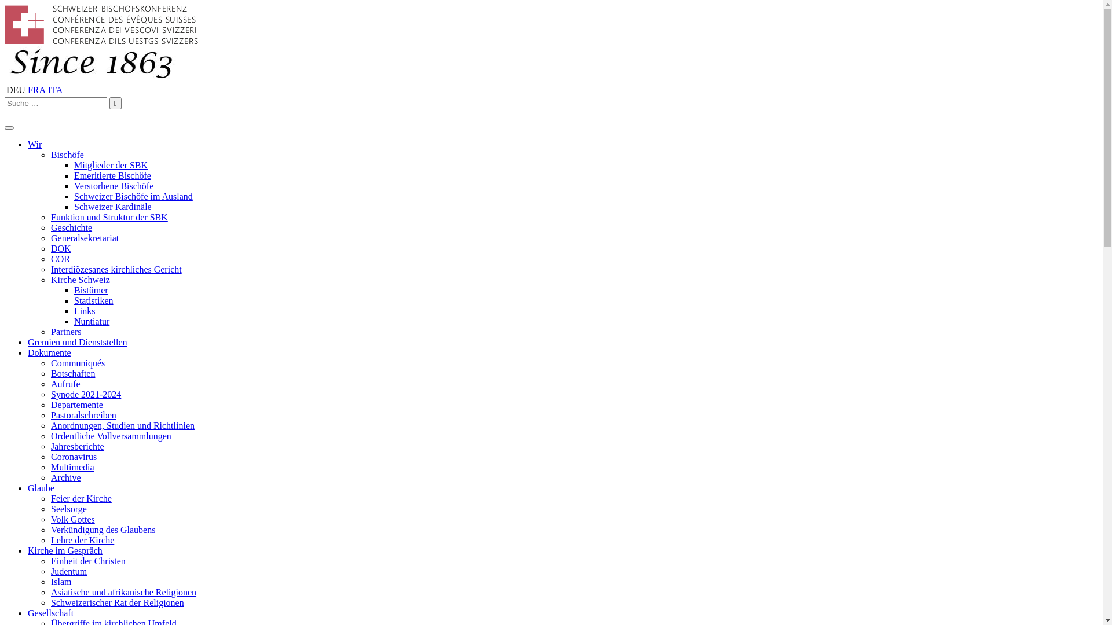 This screenshot has width=1112, height=625. I want to click on 'Nuntiatur', so click(91, 321).